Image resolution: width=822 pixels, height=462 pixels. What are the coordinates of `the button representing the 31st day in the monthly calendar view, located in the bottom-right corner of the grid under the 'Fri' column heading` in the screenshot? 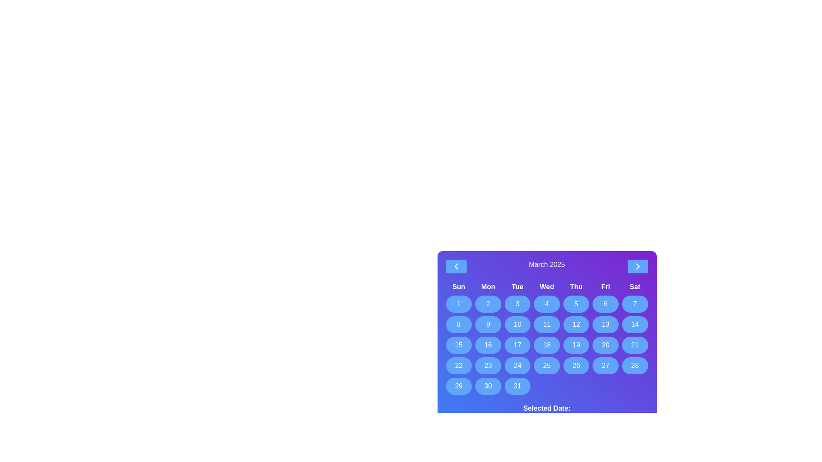 It's located at (517, 386).